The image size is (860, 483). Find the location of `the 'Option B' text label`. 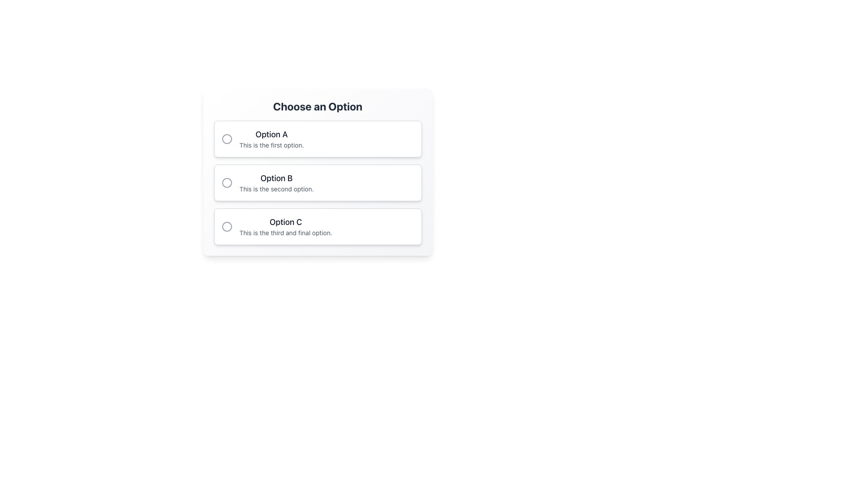

the 'Option B' text label is located at coordinates (276, 178).